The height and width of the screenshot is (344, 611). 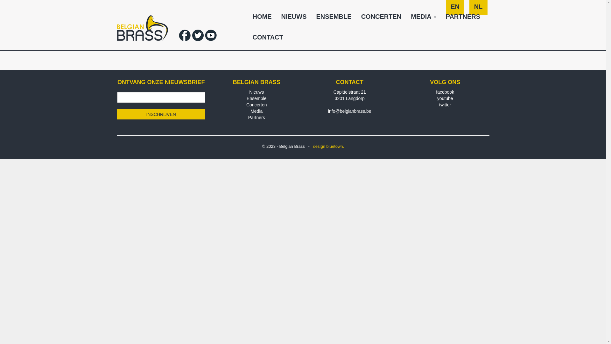 I want to click on 'twitter', so click(x=445, y=104).